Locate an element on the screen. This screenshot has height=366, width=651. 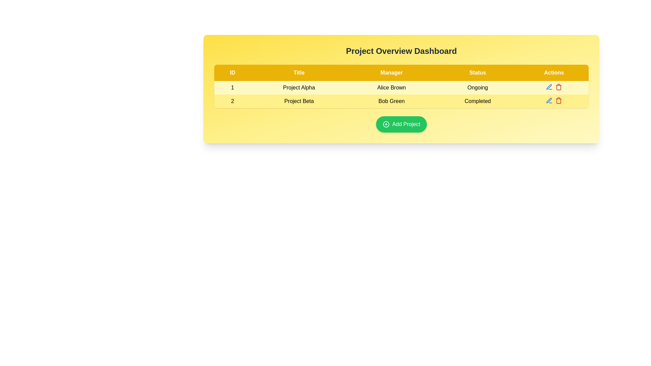
the fourth header label in the table that indicates the 'Status' column, located between the 'Manager' and 'Actions' labels is located at coordinates (477, 73).